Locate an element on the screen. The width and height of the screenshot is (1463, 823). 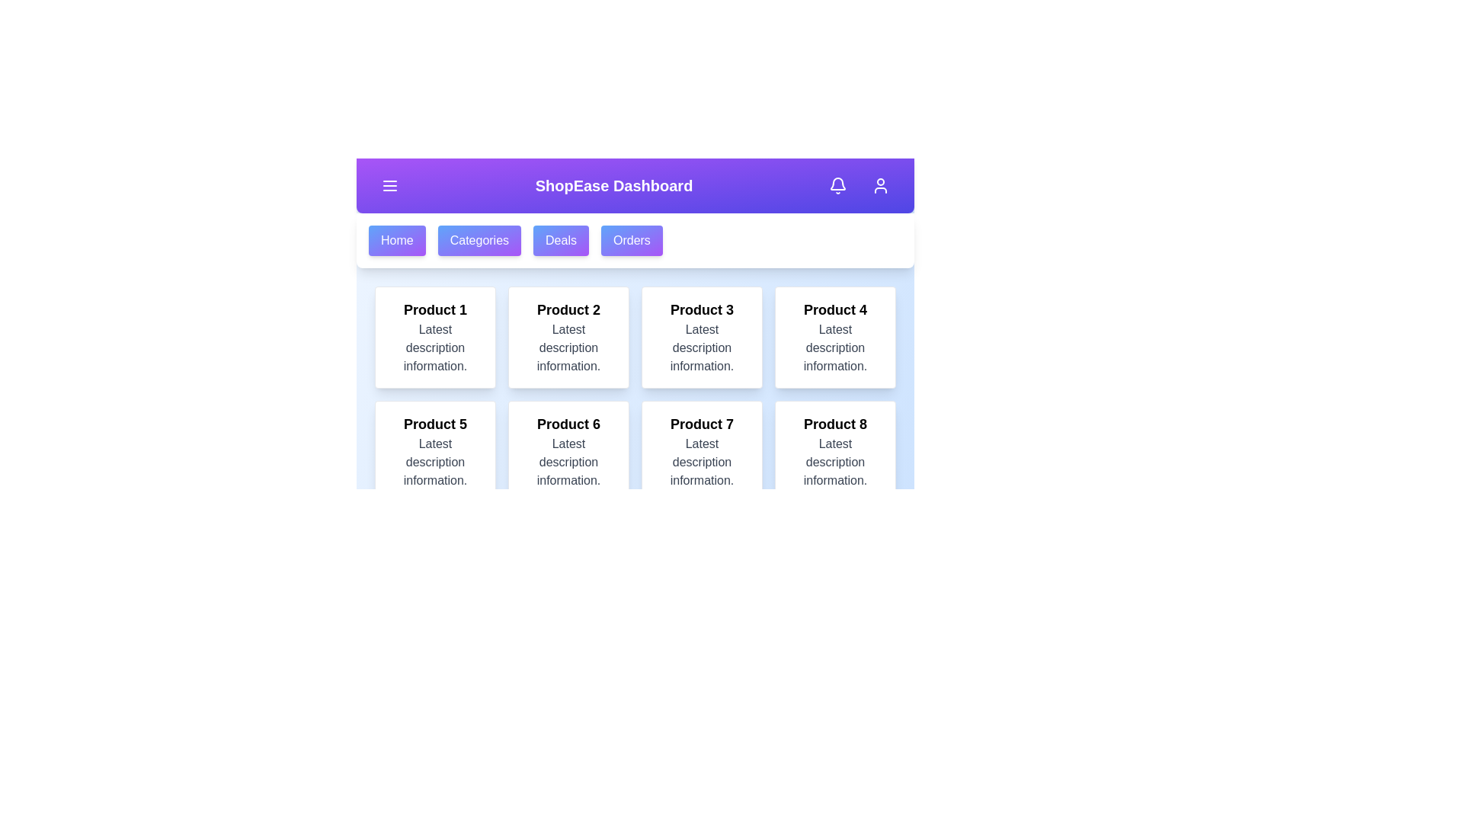
notification icon in the top-right corner of the app bar is located at coordinates (837, 184).